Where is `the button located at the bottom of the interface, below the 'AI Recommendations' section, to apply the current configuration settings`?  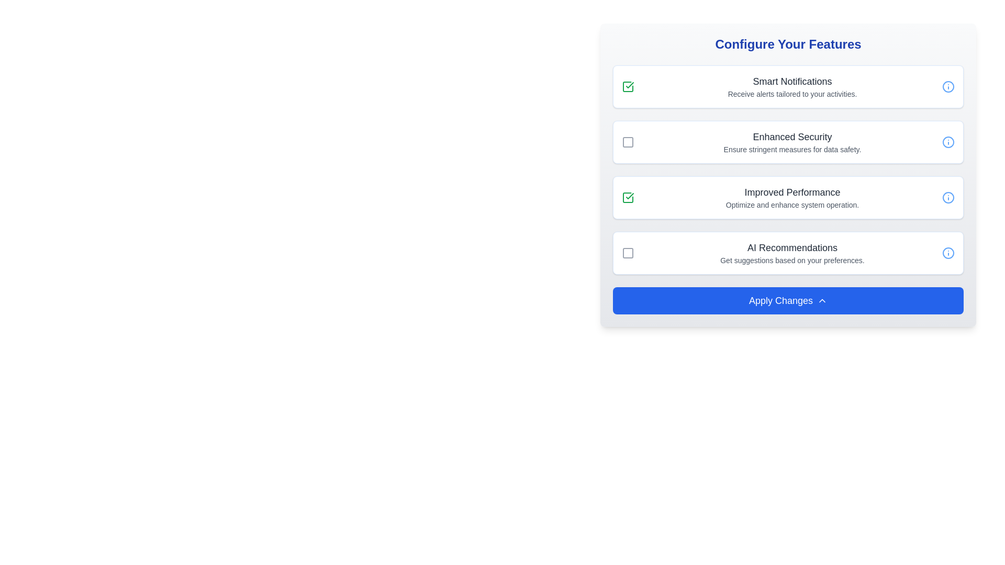
the button located at the bottom of the interface, below the 'AI Recommendations' section, to apply the current configuration settings is located at coordinates (788, 300).